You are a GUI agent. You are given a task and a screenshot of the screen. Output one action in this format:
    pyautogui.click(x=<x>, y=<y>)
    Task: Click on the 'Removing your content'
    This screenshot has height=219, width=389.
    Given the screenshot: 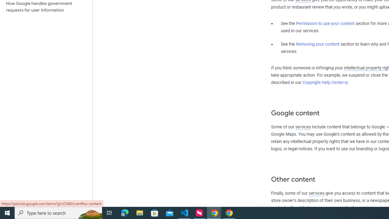 What is the action you would take?
    pyautogui.click(x=317, y=44)
    